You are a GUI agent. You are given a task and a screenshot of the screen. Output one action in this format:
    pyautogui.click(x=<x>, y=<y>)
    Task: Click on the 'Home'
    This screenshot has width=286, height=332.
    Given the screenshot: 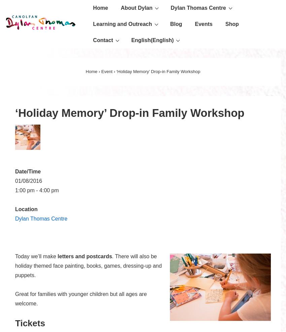 What is the action you would take?
    pyautogui.click(x=91, y=71)
    